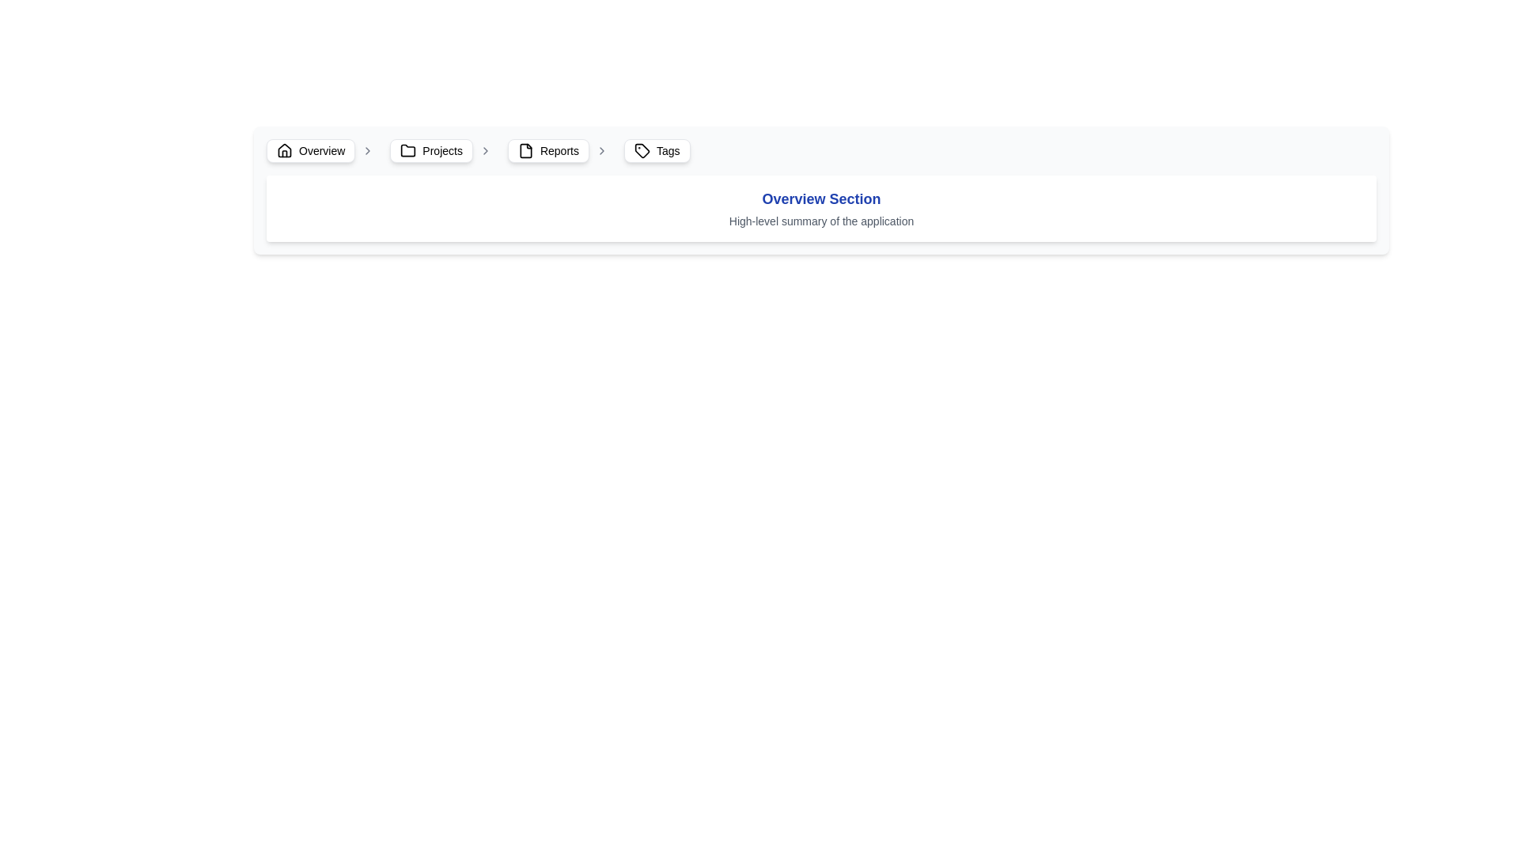  What do you see at coordinates (600, 151) in the screenshot?
I see `the forward chevron icon located to the right of the 'Reports' text label in the breadcrumb navigation` at bounding box center [600, 151].